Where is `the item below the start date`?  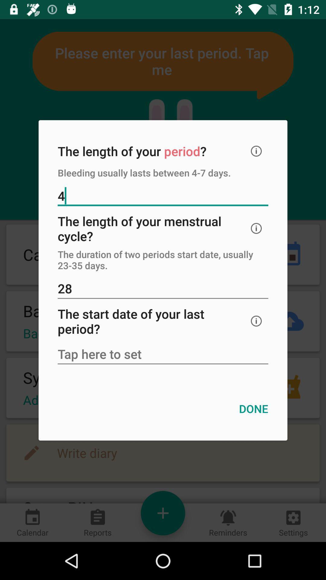 the item below the start date is located at coordinates (163, 355).